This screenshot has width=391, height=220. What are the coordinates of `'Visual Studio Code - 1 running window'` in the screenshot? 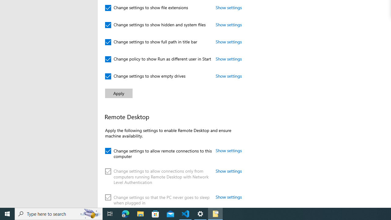 It's located at (185, 213).